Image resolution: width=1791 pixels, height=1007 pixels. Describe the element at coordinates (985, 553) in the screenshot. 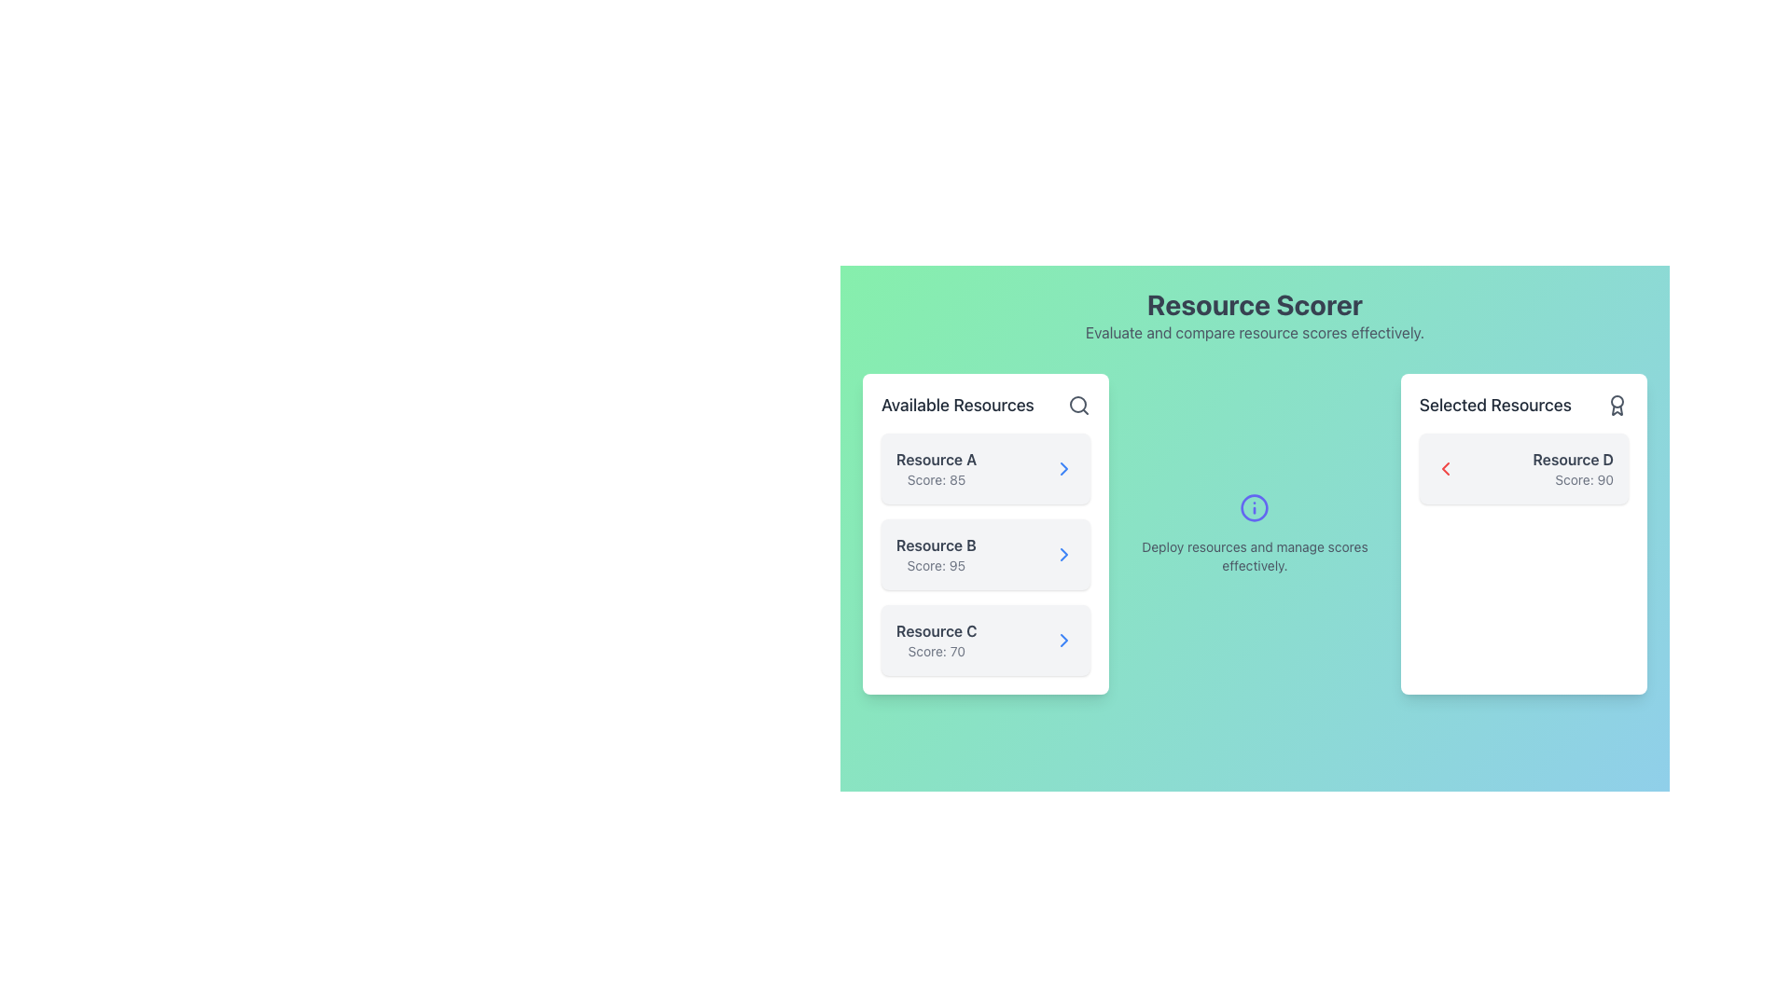

I see `information displayed on the Card that represents 'Resource B' with a score of 95, located in the 'Available Resources' section` at that location.